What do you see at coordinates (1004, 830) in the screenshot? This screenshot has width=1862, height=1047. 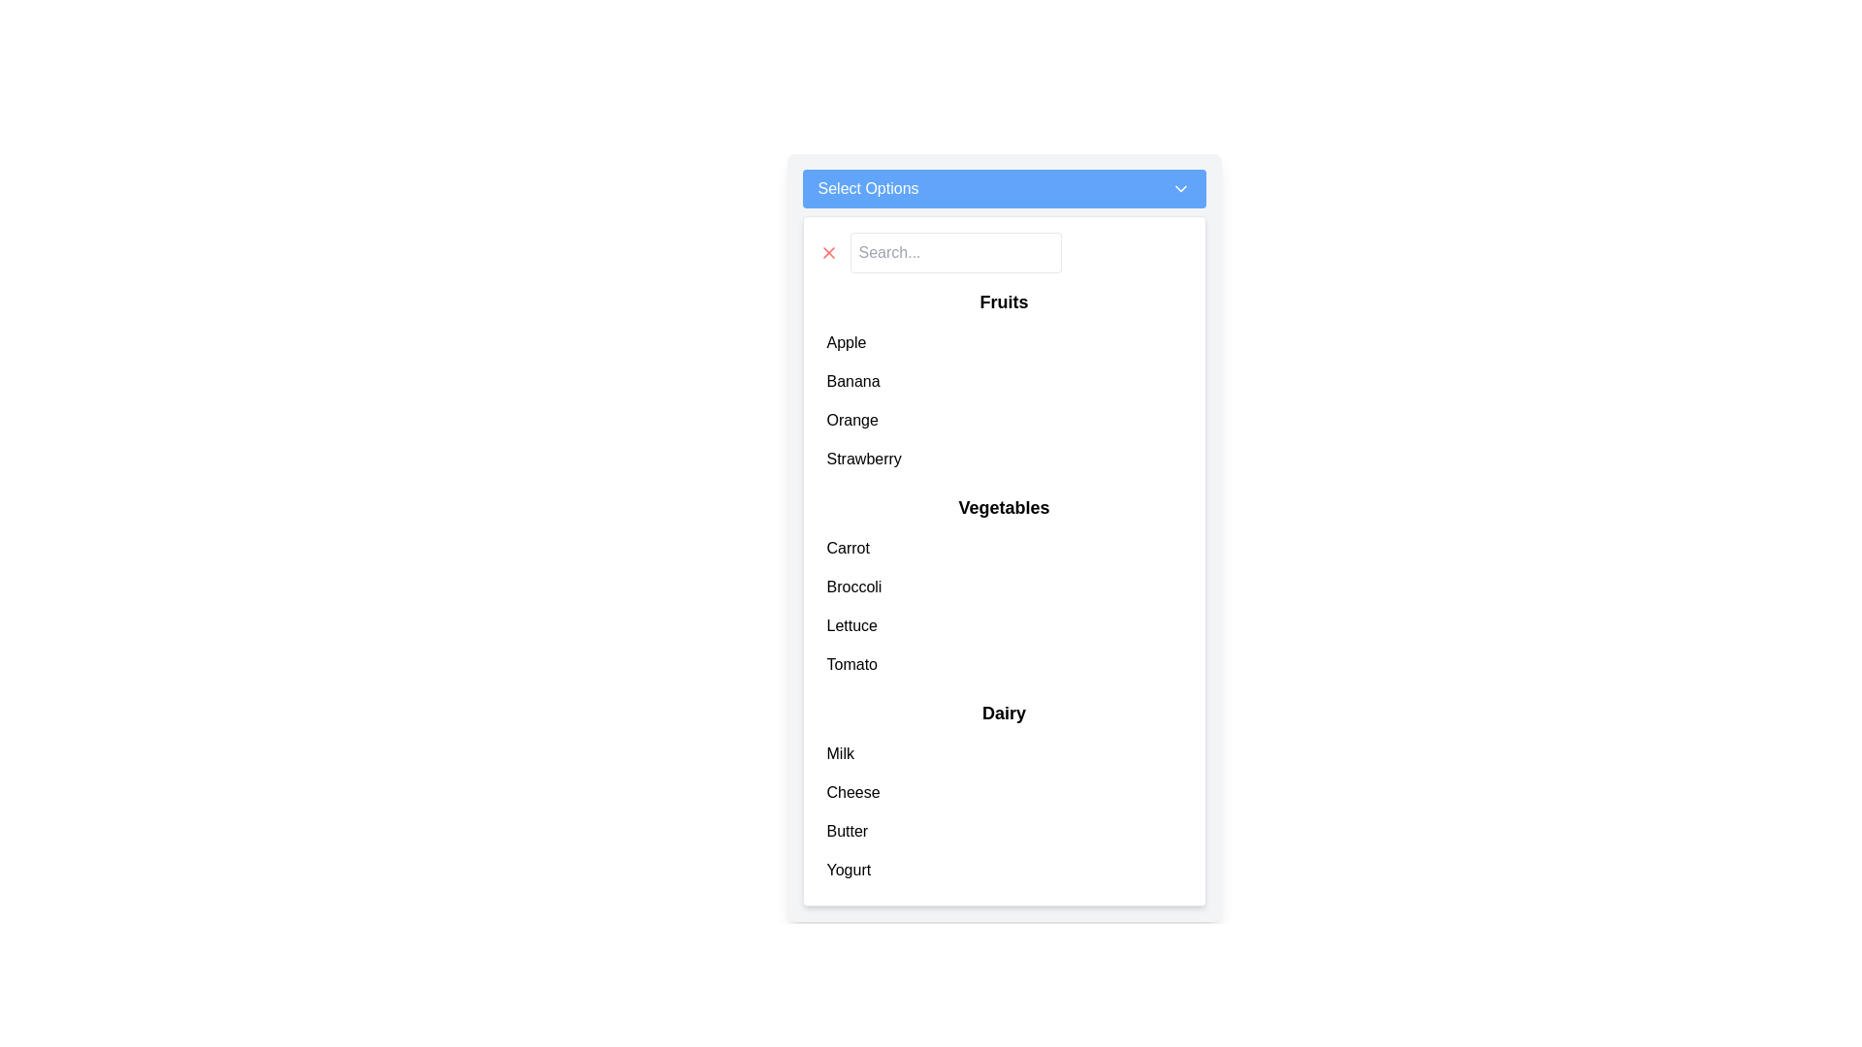 I see `the third item in the 'Dairy' section of the list, which is positioned between 'Cheese' and 'Yogurt'` at bounding box center [1004, 830].